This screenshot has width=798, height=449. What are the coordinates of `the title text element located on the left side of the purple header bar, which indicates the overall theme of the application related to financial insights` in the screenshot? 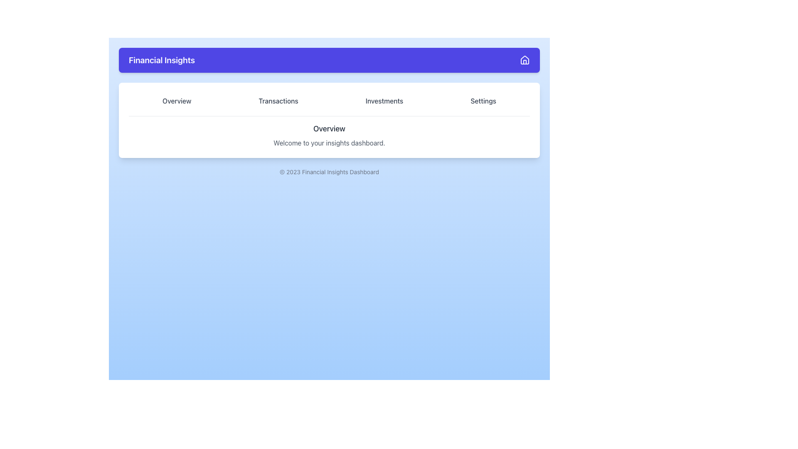 It's located at (162, 60).